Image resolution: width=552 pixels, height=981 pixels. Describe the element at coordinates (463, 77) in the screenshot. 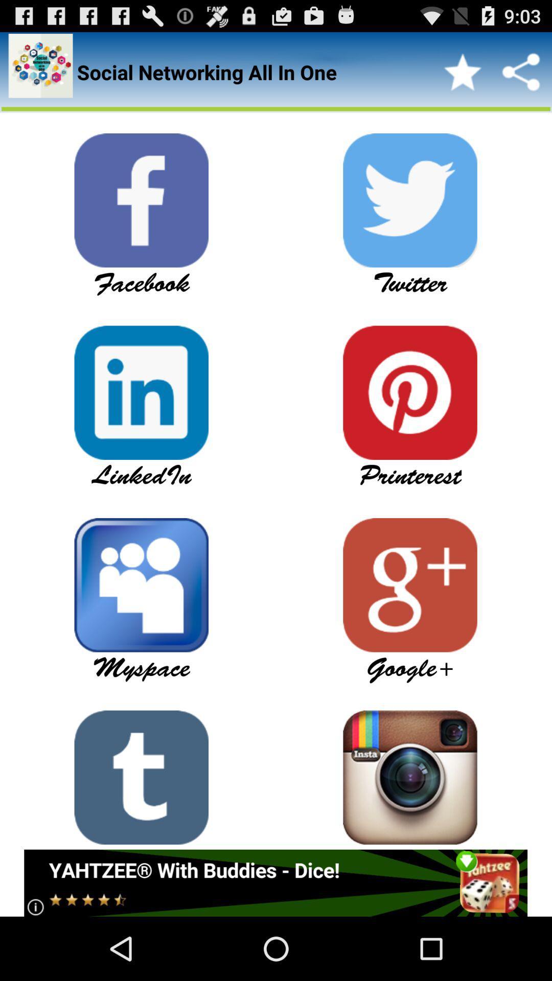

I see `the star icon` at that location.